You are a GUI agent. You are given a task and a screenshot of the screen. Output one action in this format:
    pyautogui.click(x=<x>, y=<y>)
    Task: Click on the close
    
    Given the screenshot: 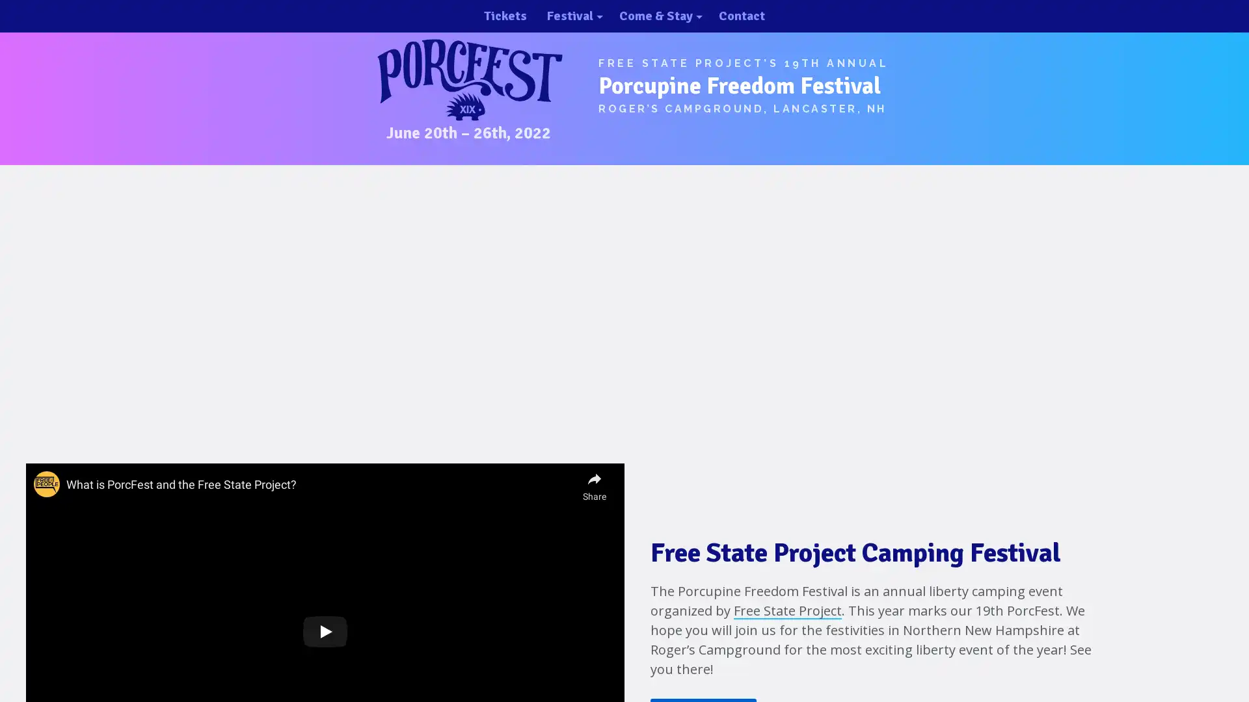 What is the action you would take?
    pyautogui.click(x=1207, y=52)
    